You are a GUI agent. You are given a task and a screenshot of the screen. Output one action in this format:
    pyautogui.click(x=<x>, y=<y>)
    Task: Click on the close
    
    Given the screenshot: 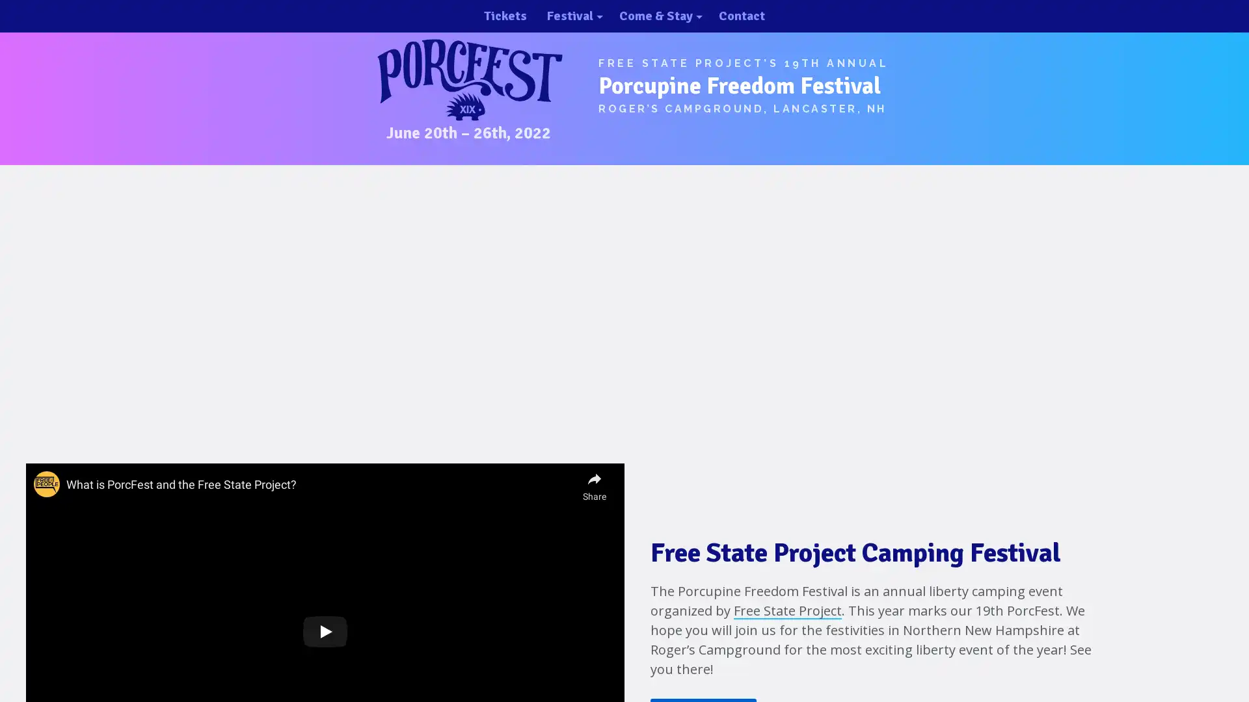 What is the action you would take?
    pyautogui.click(x=1207, y=52)
    